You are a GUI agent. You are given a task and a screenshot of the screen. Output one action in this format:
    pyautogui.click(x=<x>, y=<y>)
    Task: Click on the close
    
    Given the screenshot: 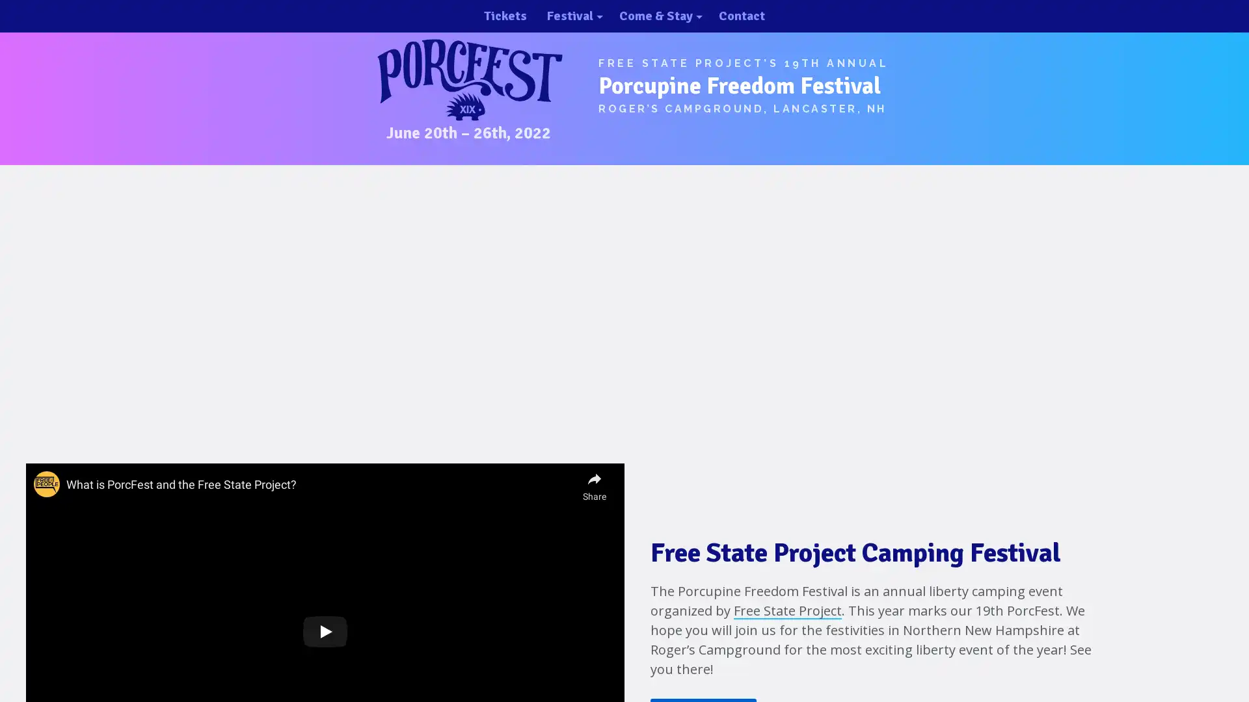 What is the action you would take?
    pyautogui.click(x=1207, y=52)
    